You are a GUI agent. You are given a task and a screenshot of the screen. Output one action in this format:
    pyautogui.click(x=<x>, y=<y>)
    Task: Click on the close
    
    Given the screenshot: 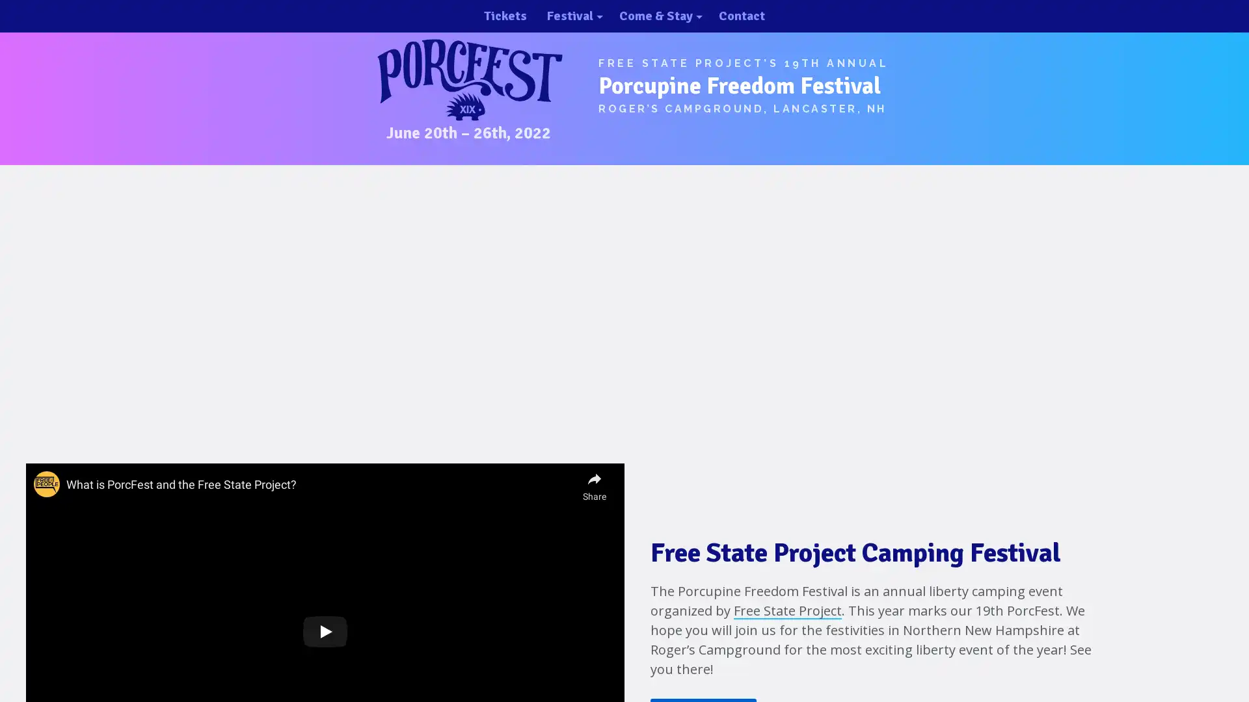 What is the action you would take?
    pyautogui.click(x=1207, y=52)
    